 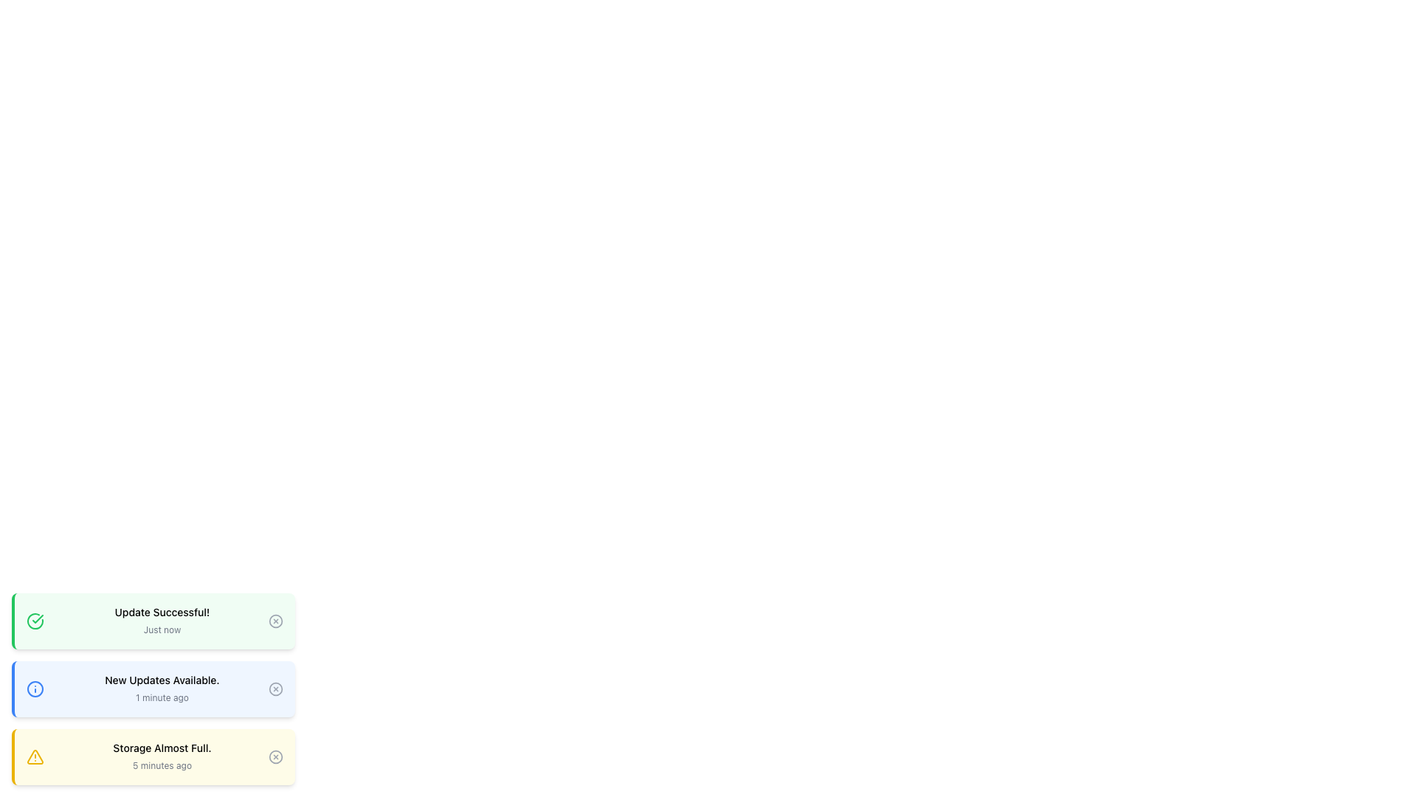 What do you see at coordinates (276, 621) in the screenshot?
I see `the close button located at the right end of the green notification card stating 'Update Successful!'` at bounding box center [276, 621].